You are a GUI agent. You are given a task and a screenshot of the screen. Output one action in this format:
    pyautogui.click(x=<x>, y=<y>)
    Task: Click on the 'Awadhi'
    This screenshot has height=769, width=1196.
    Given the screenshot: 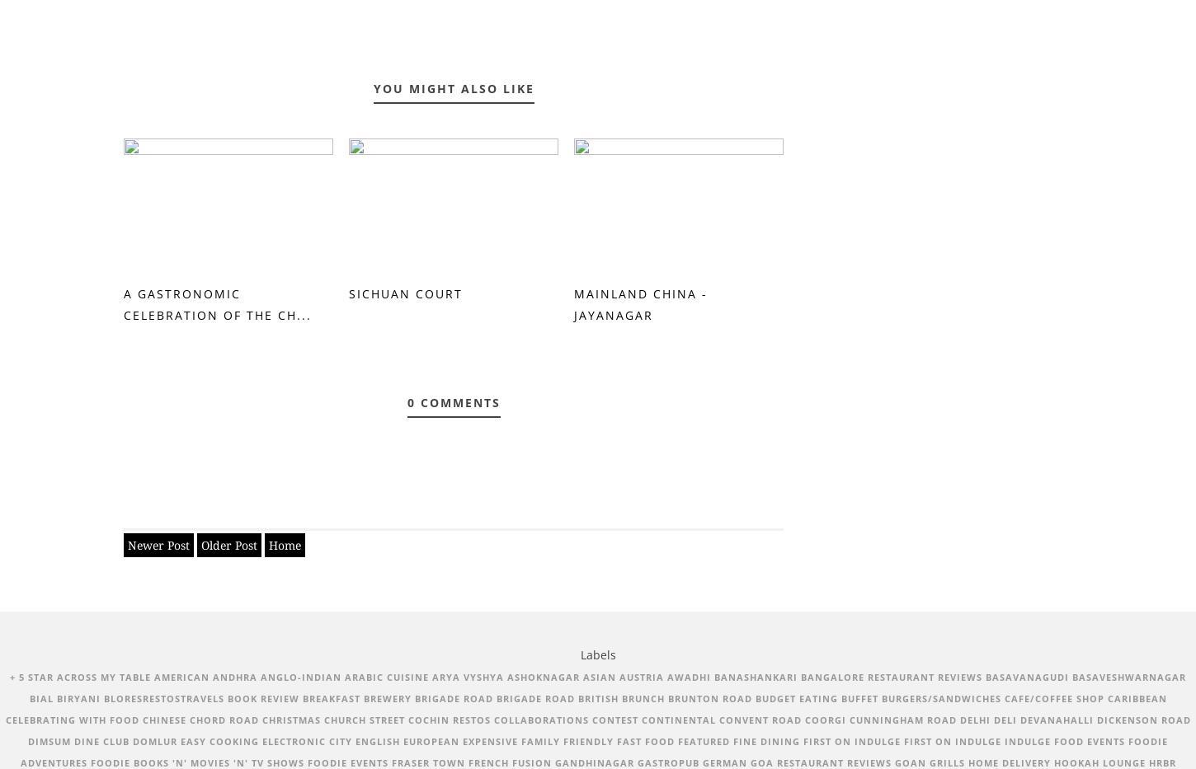 What is the action you would take?
    pyautogui.click(x=689, y=676)
    